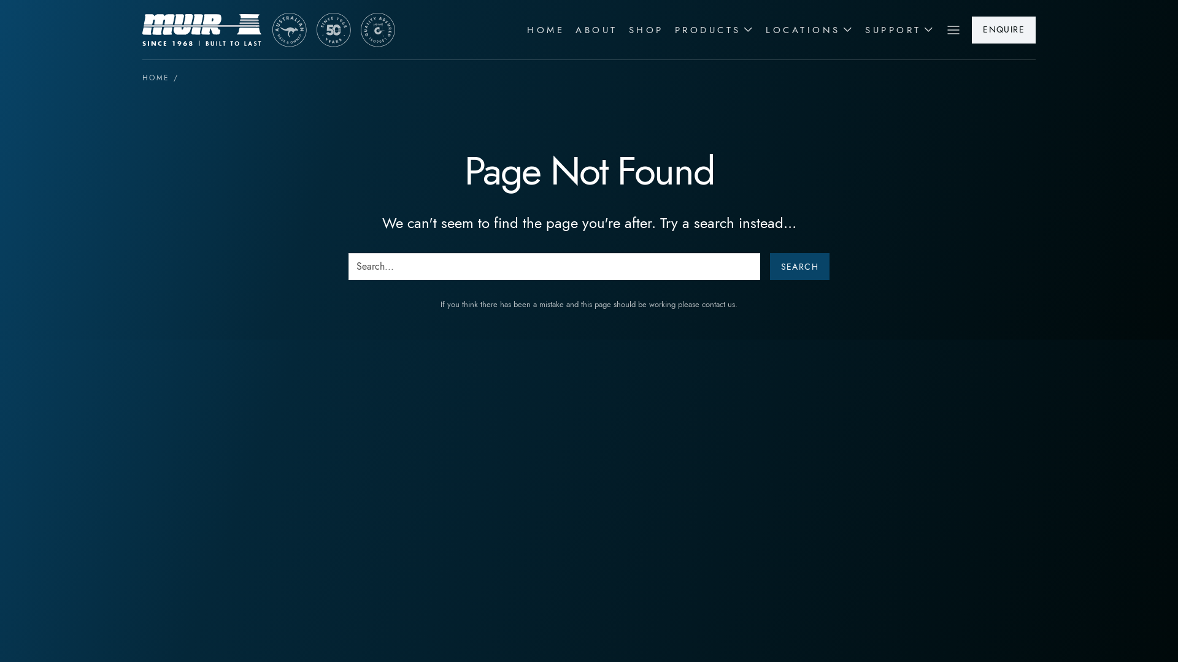 The width and height of the screenshot is (1178, 662). Describe the element at coordinates (799, 266) in the screenshot. I see `'Search'` at that location.